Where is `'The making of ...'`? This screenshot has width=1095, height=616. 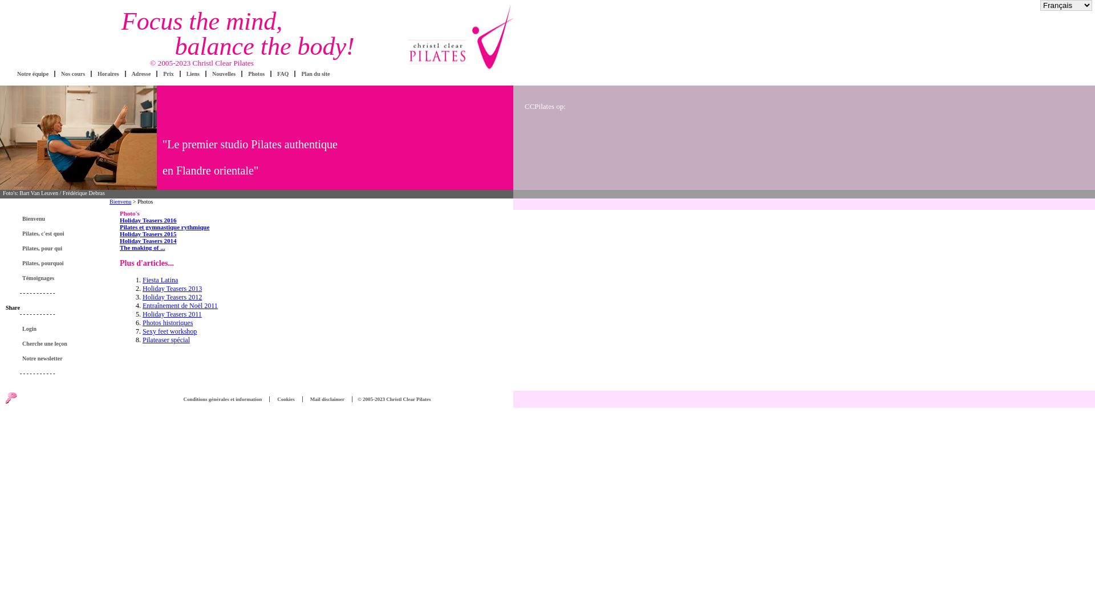 'The making of ...' is located at coordinates (141, 247).